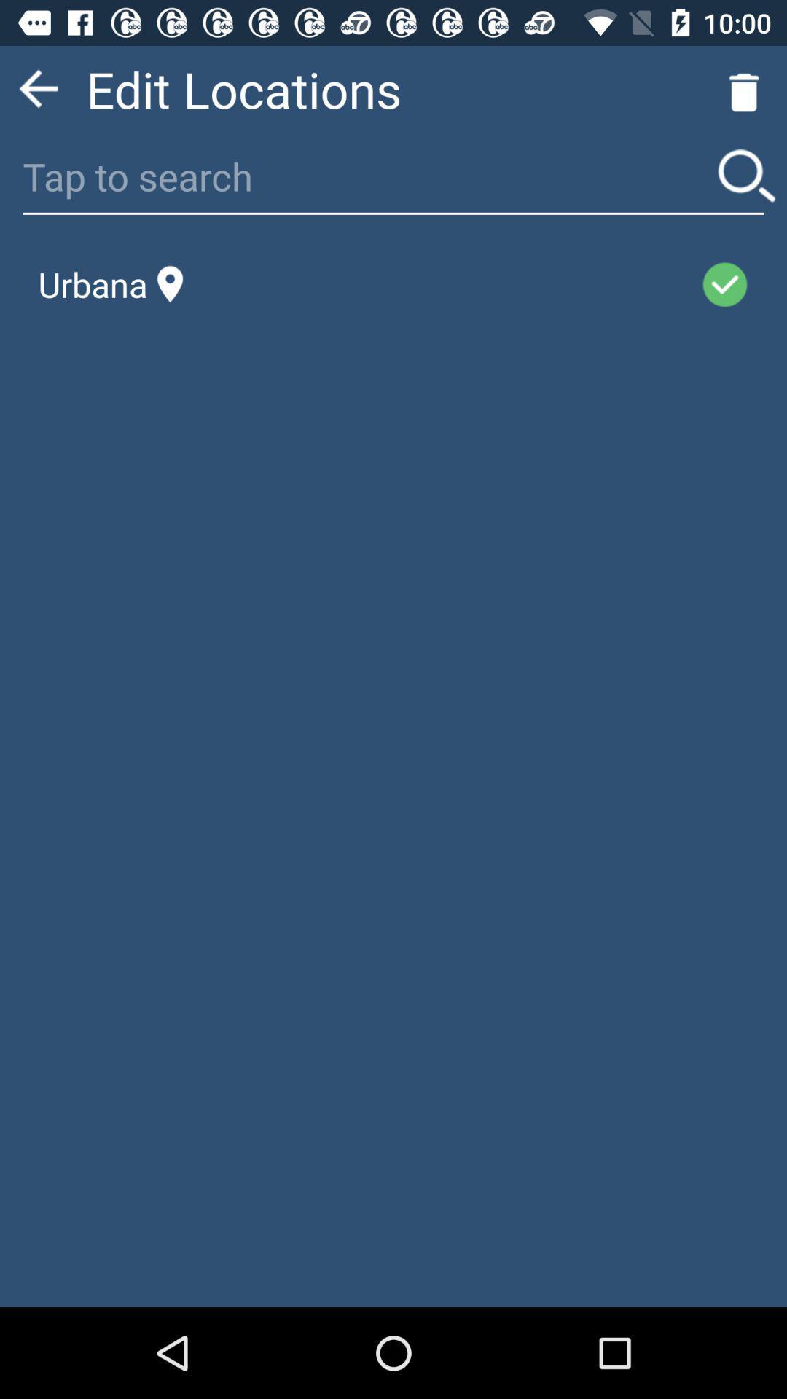 The height and width of the screenshot is (1399, 787). Describe the element at coordinates (746, 175) in the screenshot. I see `the search icon` at that location.